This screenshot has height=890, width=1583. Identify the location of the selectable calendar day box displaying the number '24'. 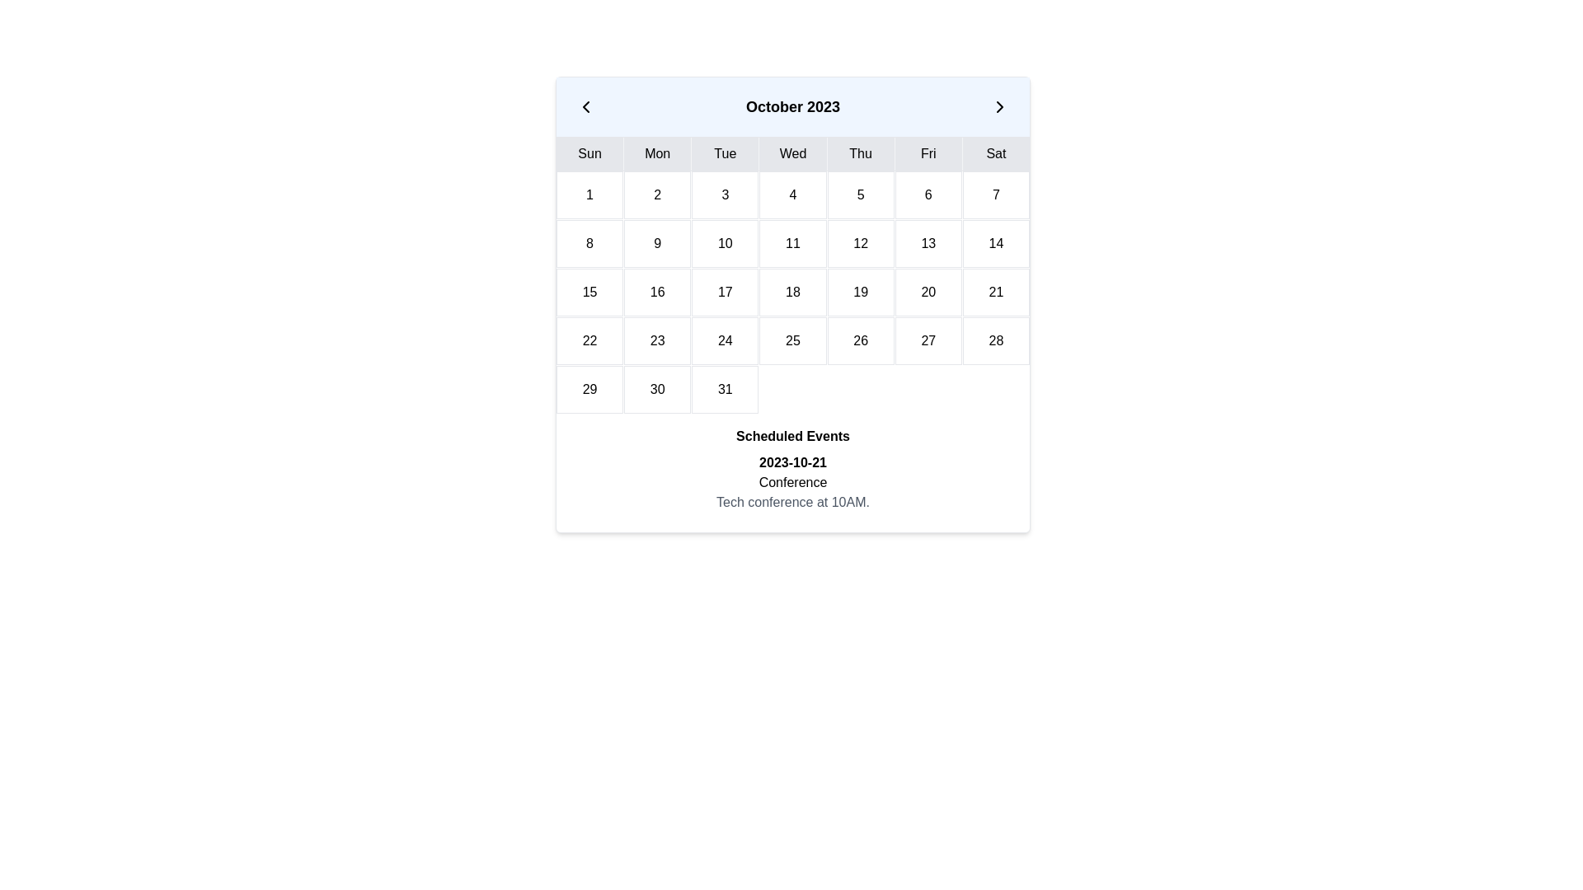
(725, 340).